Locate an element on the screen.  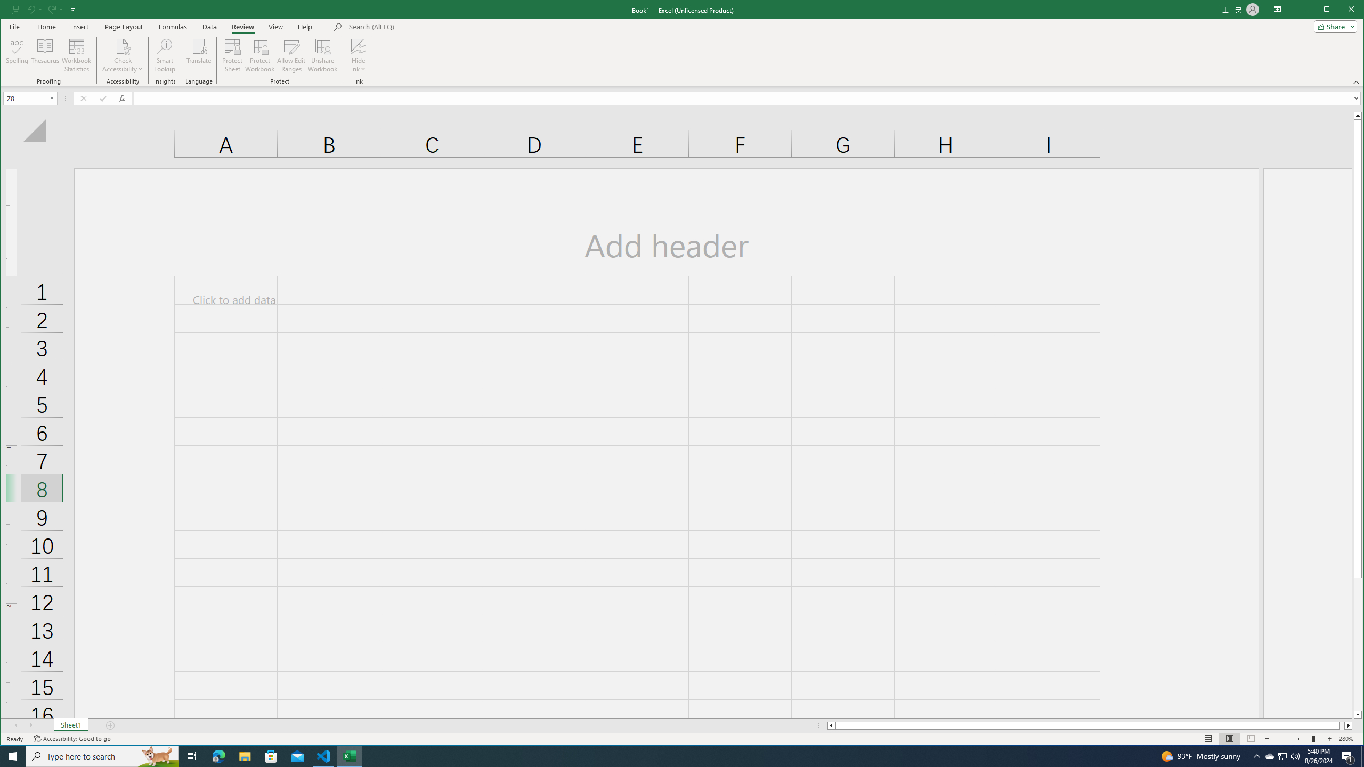
'Page Break Preview' is located at coordinates (1251, 738).